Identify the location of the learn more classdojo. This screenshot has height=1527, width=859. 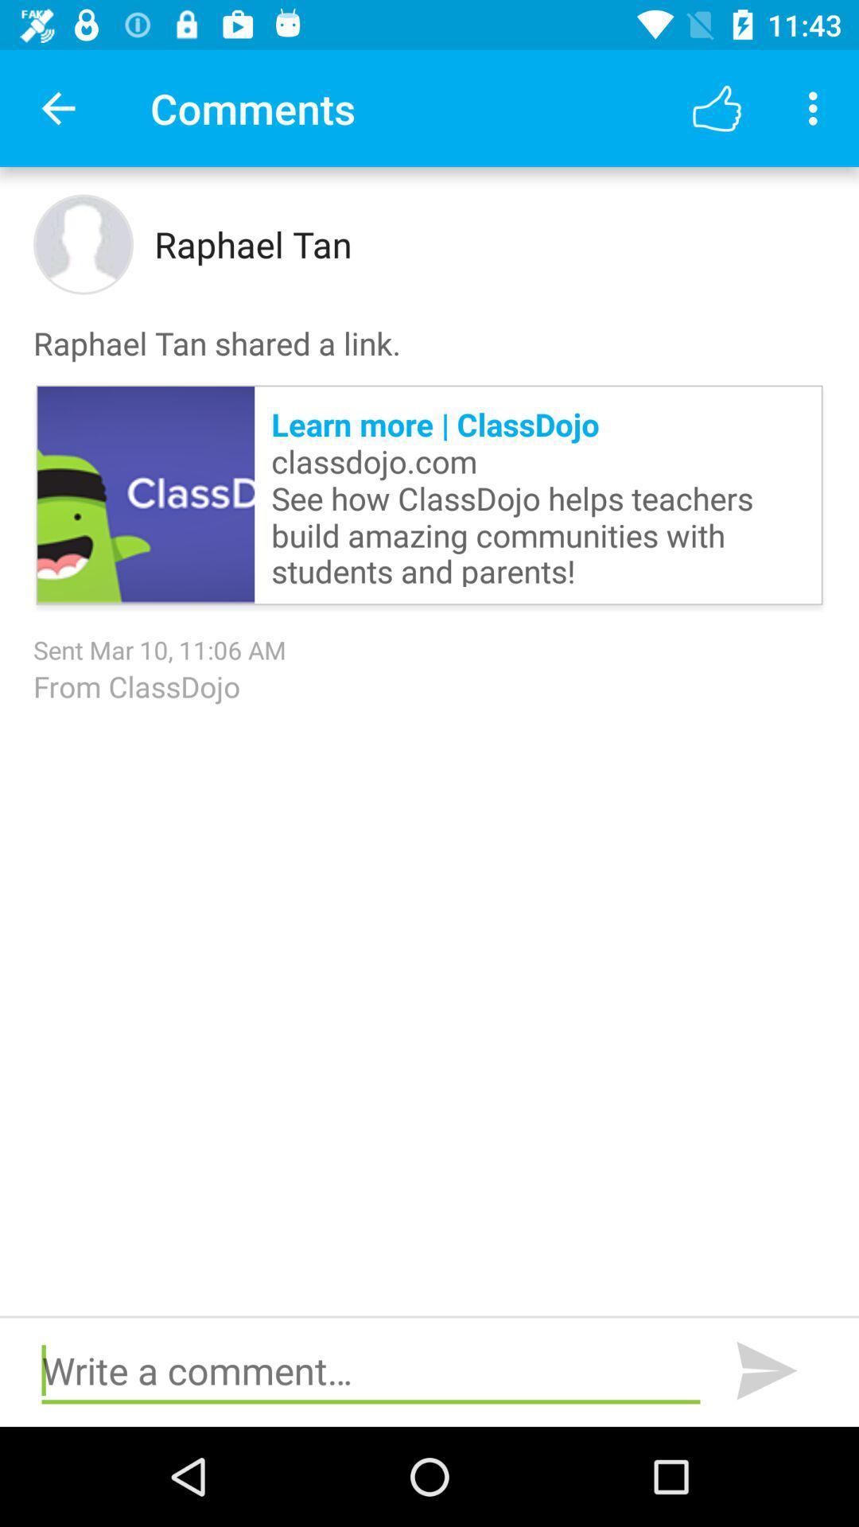
(537, 494).